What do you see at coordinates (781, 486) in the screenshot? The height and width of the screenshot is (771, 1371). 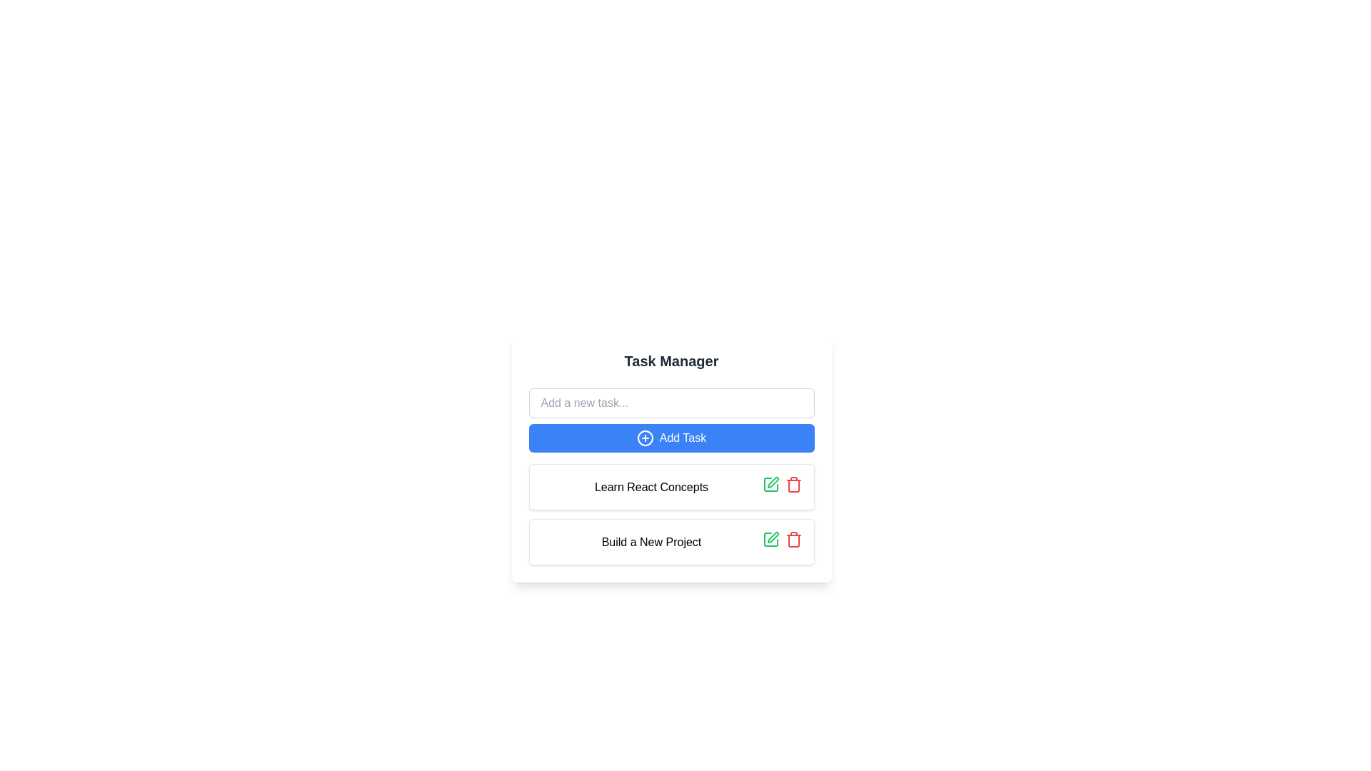 I see `the group of interactive icons consisting of a green pencil icon and a red trash can icon located in the top-right section of the 'Learn React Concepts' task card` at bounding box center [781, 486].